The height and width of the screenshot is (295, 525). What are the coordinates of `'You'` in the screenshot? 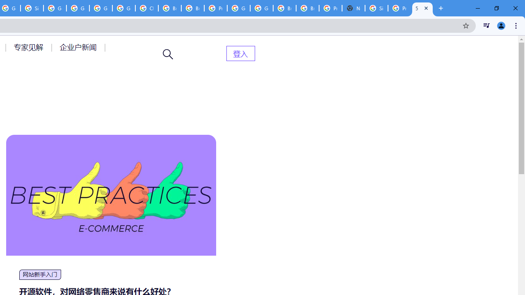 It's located at (500, 25).